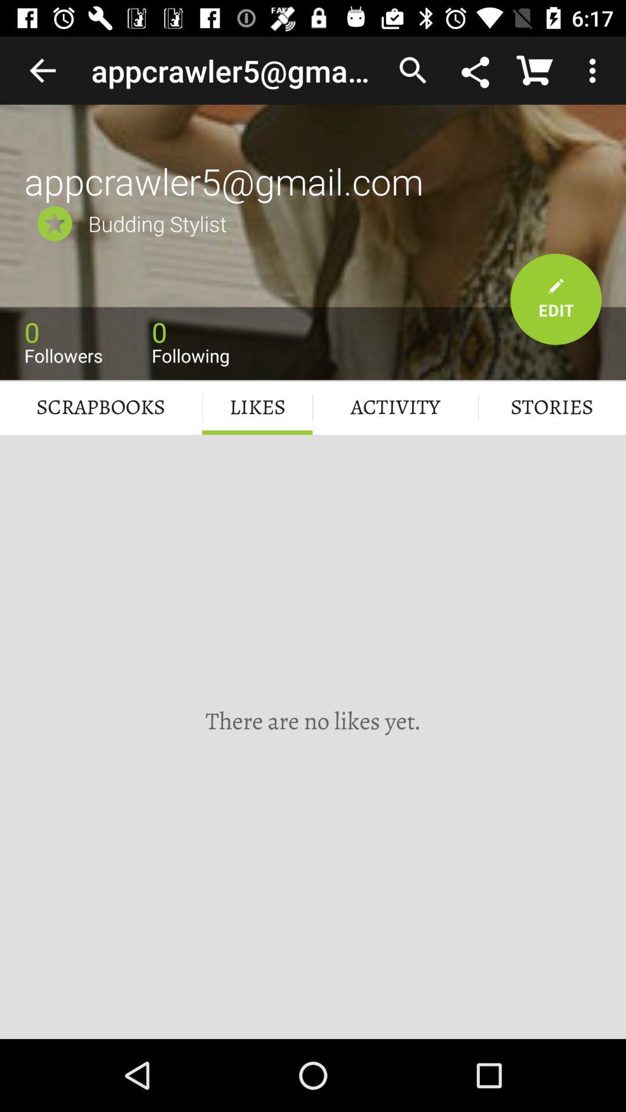  I want to click on share the article, so click(476, 69).